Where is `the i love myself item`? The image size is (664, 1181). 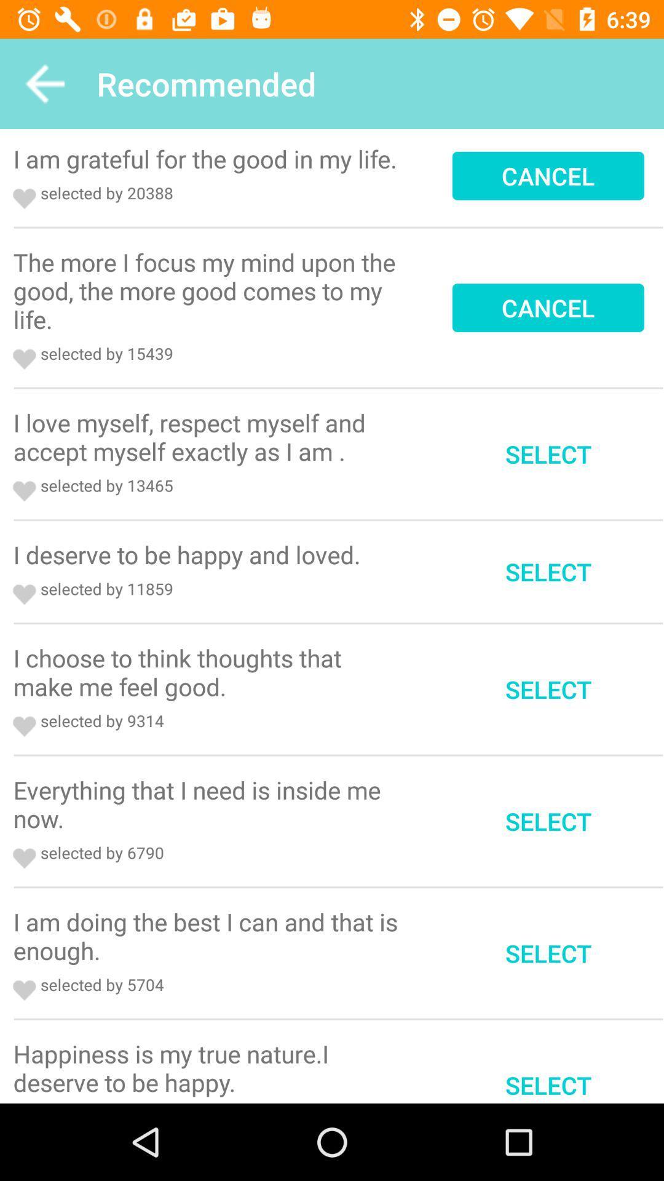
the i love myself item is located at coordinates (209, 437).